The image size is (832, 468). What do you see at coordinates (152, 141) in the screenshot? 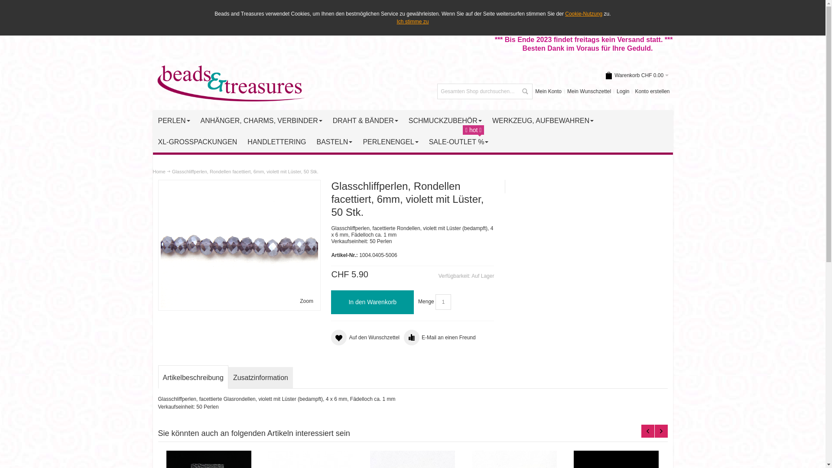
I see `'XL-GROSSPACKUNGEN'` at bounding box center [152, 141].